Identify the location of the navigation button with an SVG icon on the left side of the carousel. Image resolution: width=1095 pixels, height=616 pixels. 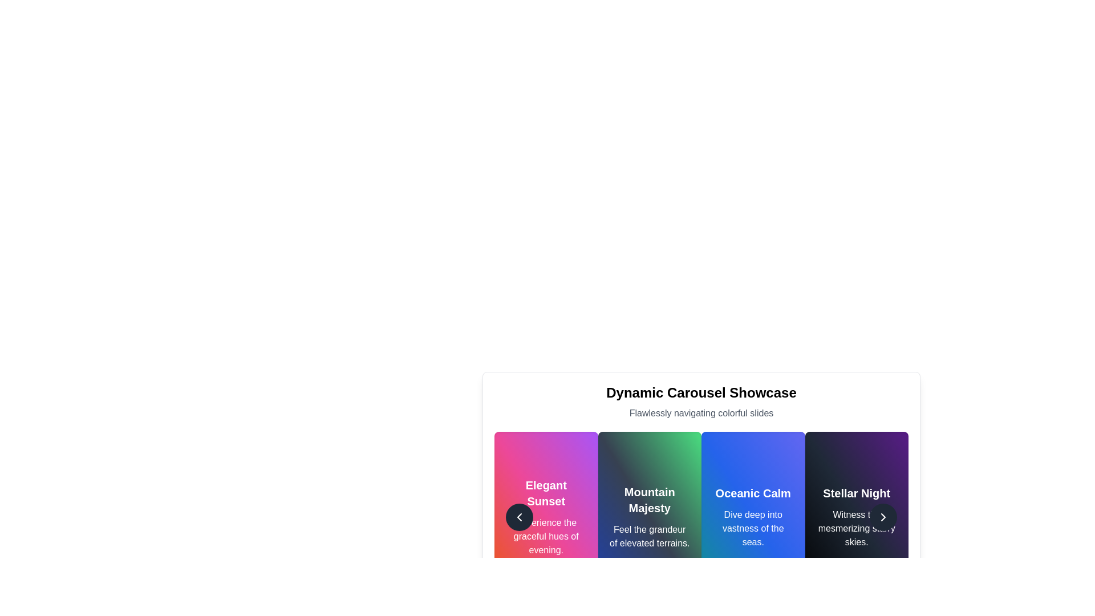
(519, 517).